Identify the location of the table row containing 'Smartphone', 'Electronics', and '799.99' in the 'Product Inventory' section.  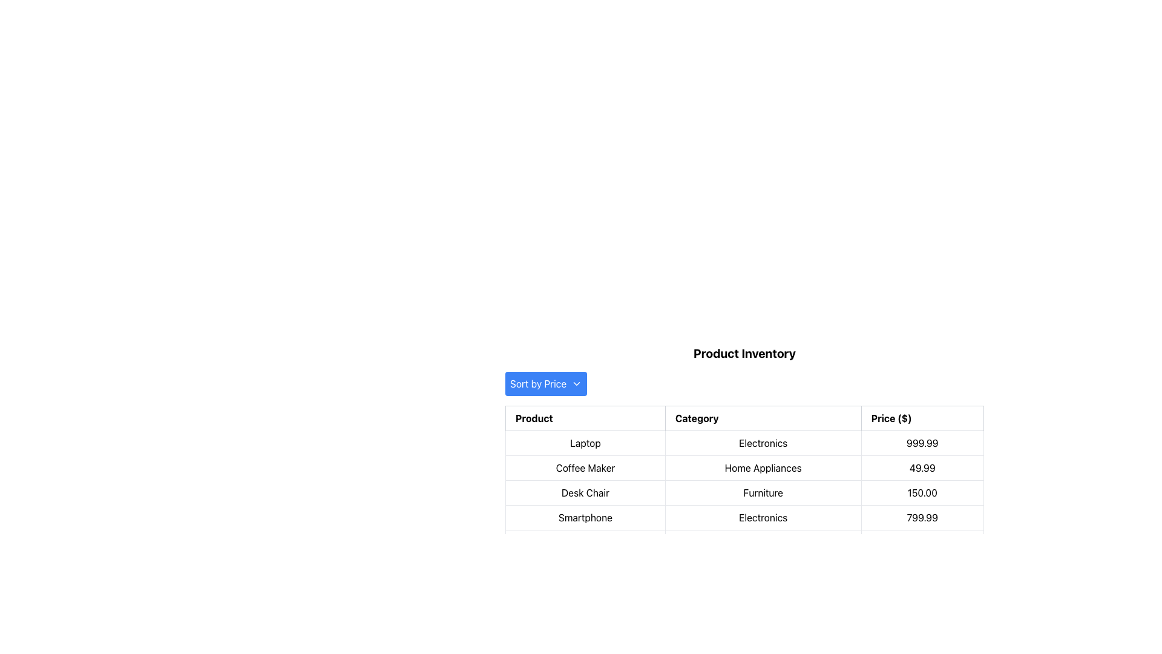
(744, 518).